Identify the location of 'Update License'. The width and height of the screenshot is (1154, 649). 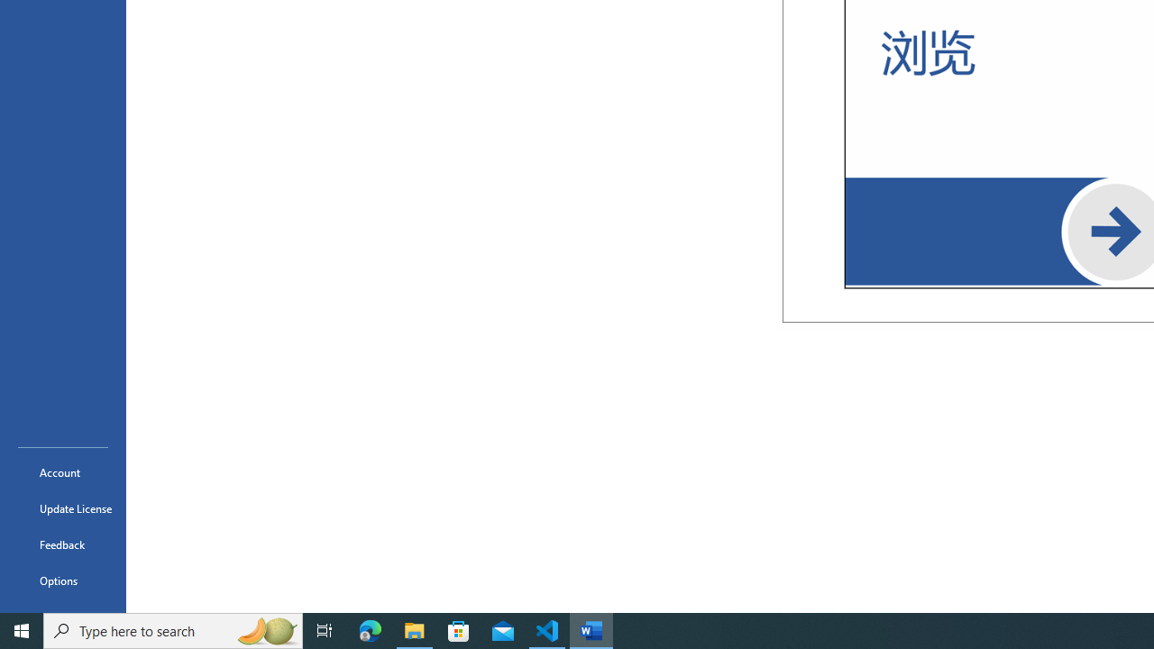
(62, 508).